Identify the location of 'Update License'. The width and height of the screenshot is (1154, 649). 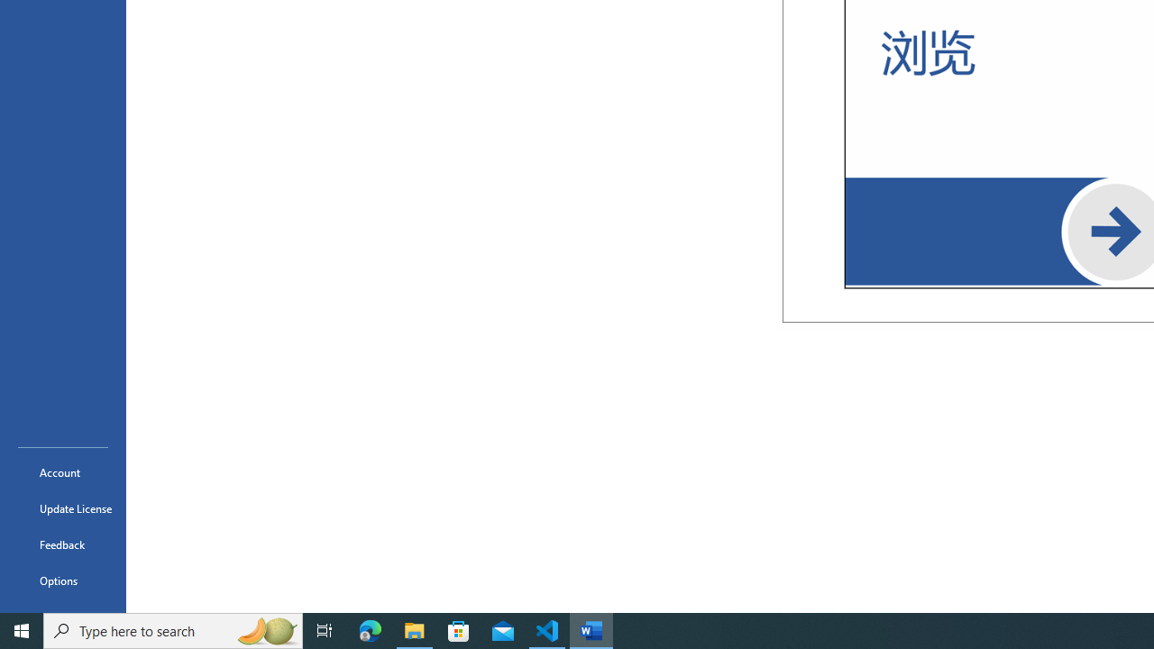
(62, 508).